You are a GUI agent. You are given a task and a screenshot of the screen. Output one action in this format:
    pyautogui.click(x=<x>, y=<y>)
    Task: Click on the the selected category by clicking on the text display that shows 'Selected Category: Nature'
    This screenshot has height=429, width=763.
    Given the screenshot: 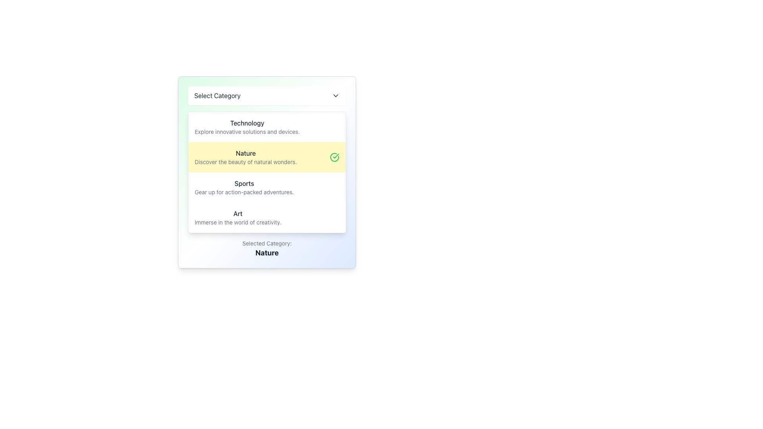 What is the action you would take?
    pyautogui.click(x=267, y=249)
    